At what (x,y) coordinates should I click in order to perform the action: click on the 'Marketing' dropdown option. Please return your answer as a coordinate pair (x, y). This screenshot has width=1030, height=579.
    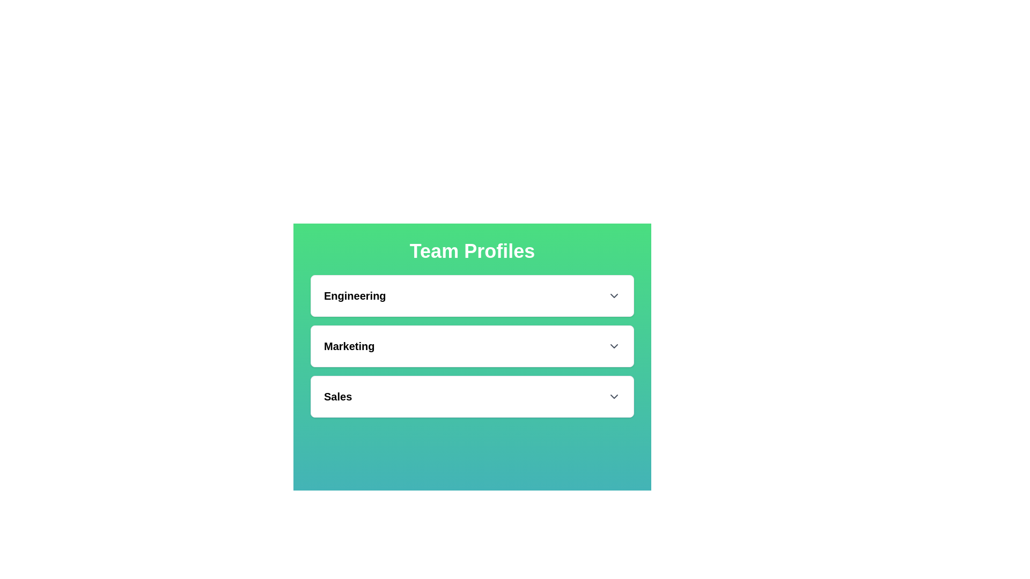
    Looking at the image, I should click on (472, 351).